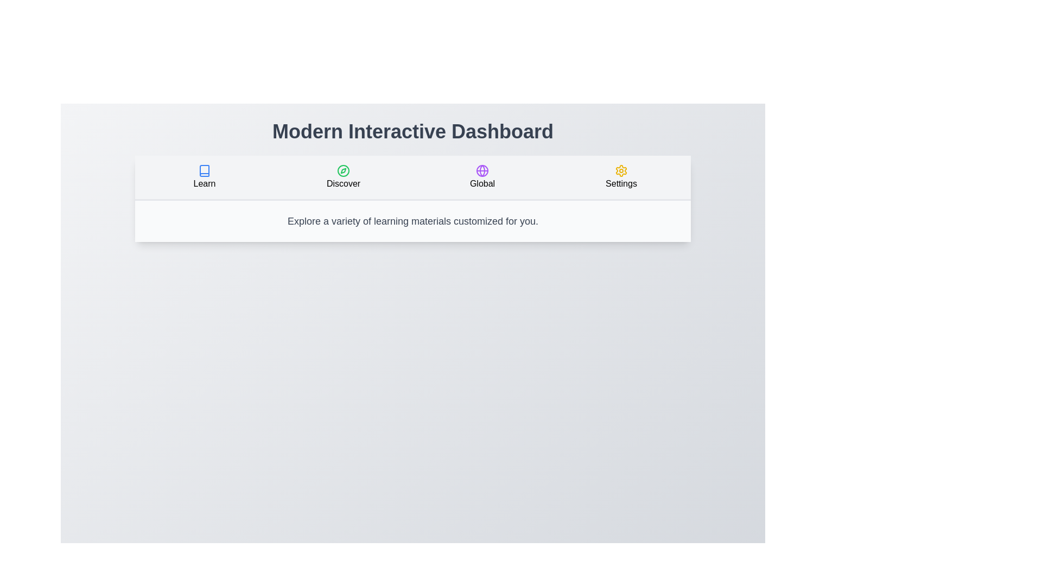  I want to click on the settings icon, which is the fourth item in the horizontal menu bar, so click(621, 171).